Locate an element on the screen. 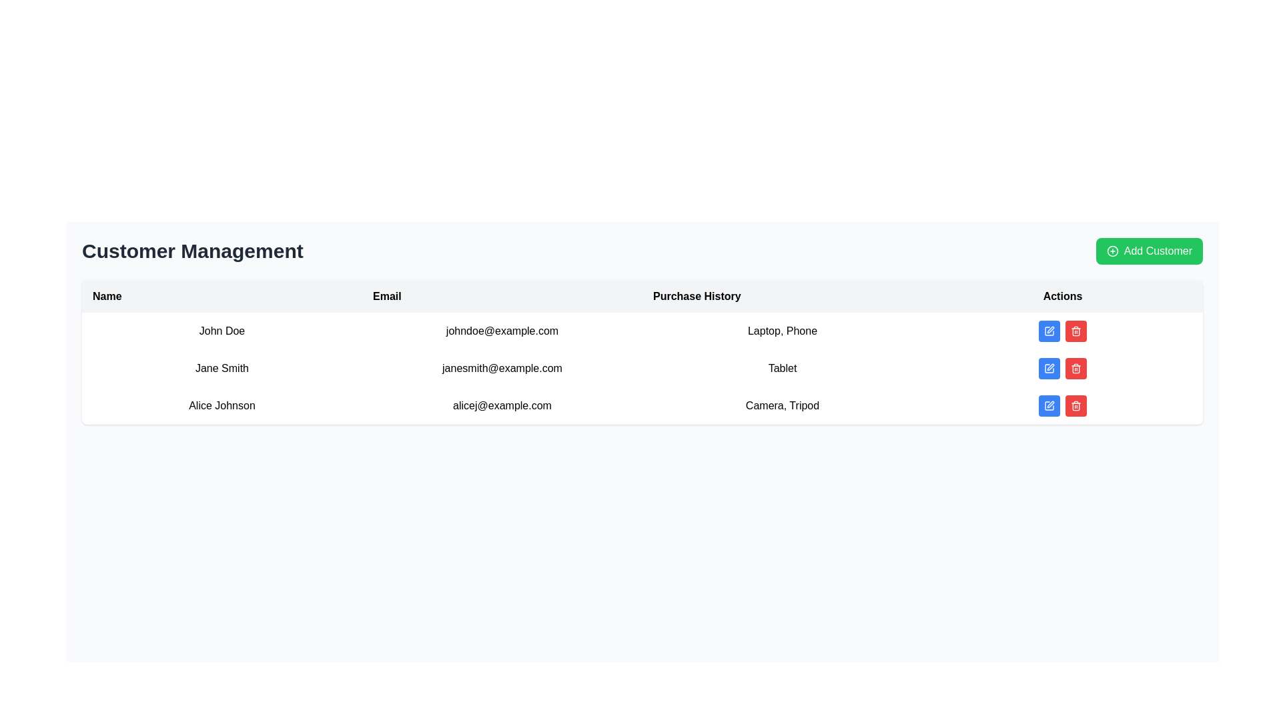 This screenshot has width=1281, height=720. the button located in the top-right corner of the 'Customer Management' section, to the right of the title 'Customer Management' is located at coordinates (1148, 251).